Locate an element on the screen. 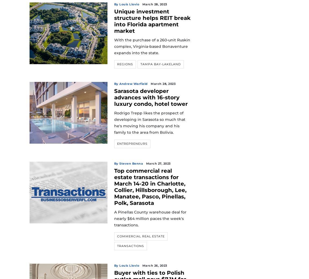  'March 26, 2023' is located at coordinates (154, 266).